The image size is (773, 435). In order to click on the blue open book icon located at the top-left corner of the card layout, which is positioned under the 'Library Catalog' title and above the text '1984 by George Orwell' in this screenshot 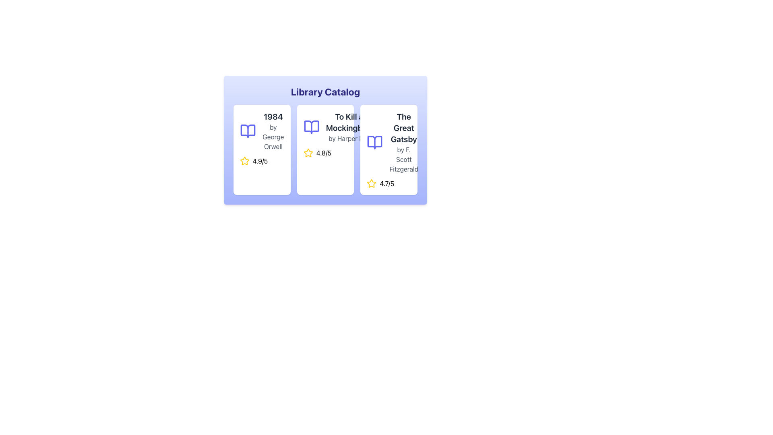, I will do `click(247, 131)`.